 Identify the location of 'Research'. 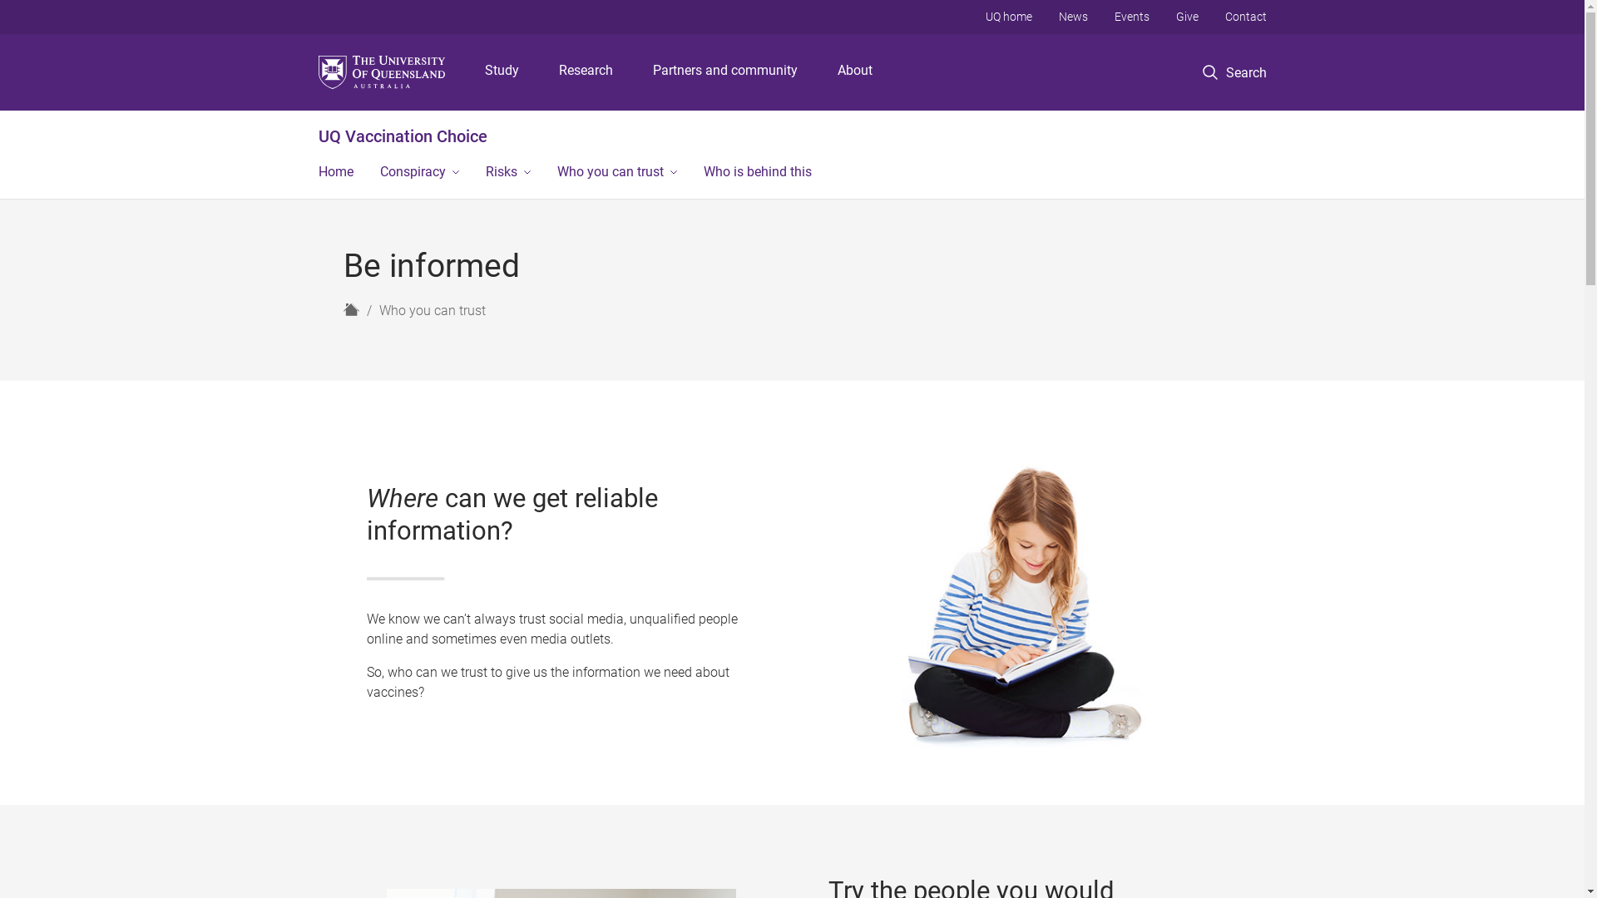
(586, 72).